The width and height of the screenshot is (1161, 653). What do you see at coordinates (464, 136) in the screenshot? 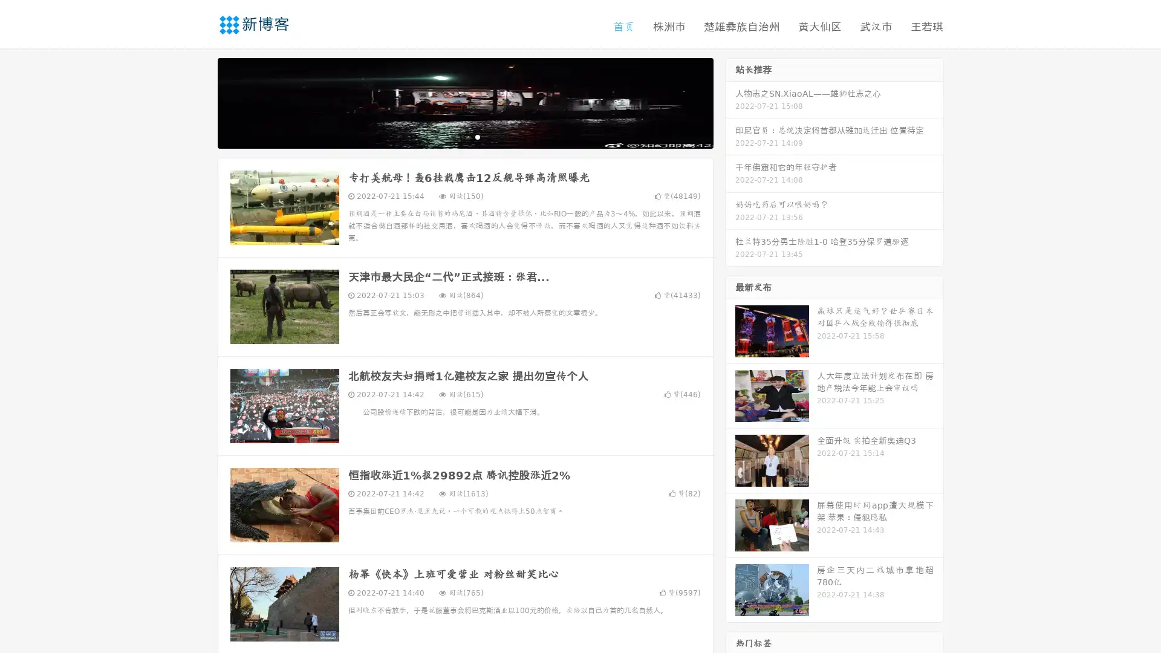
I see `Go to slide 2` at bounding box center [464, 136].